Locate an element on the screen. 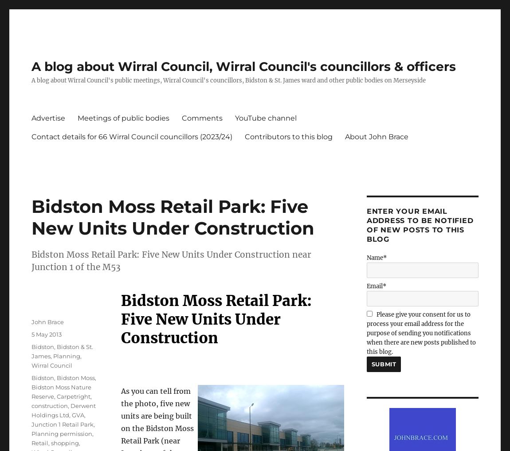  'About John Brace' is located at coordinates (376, 136).